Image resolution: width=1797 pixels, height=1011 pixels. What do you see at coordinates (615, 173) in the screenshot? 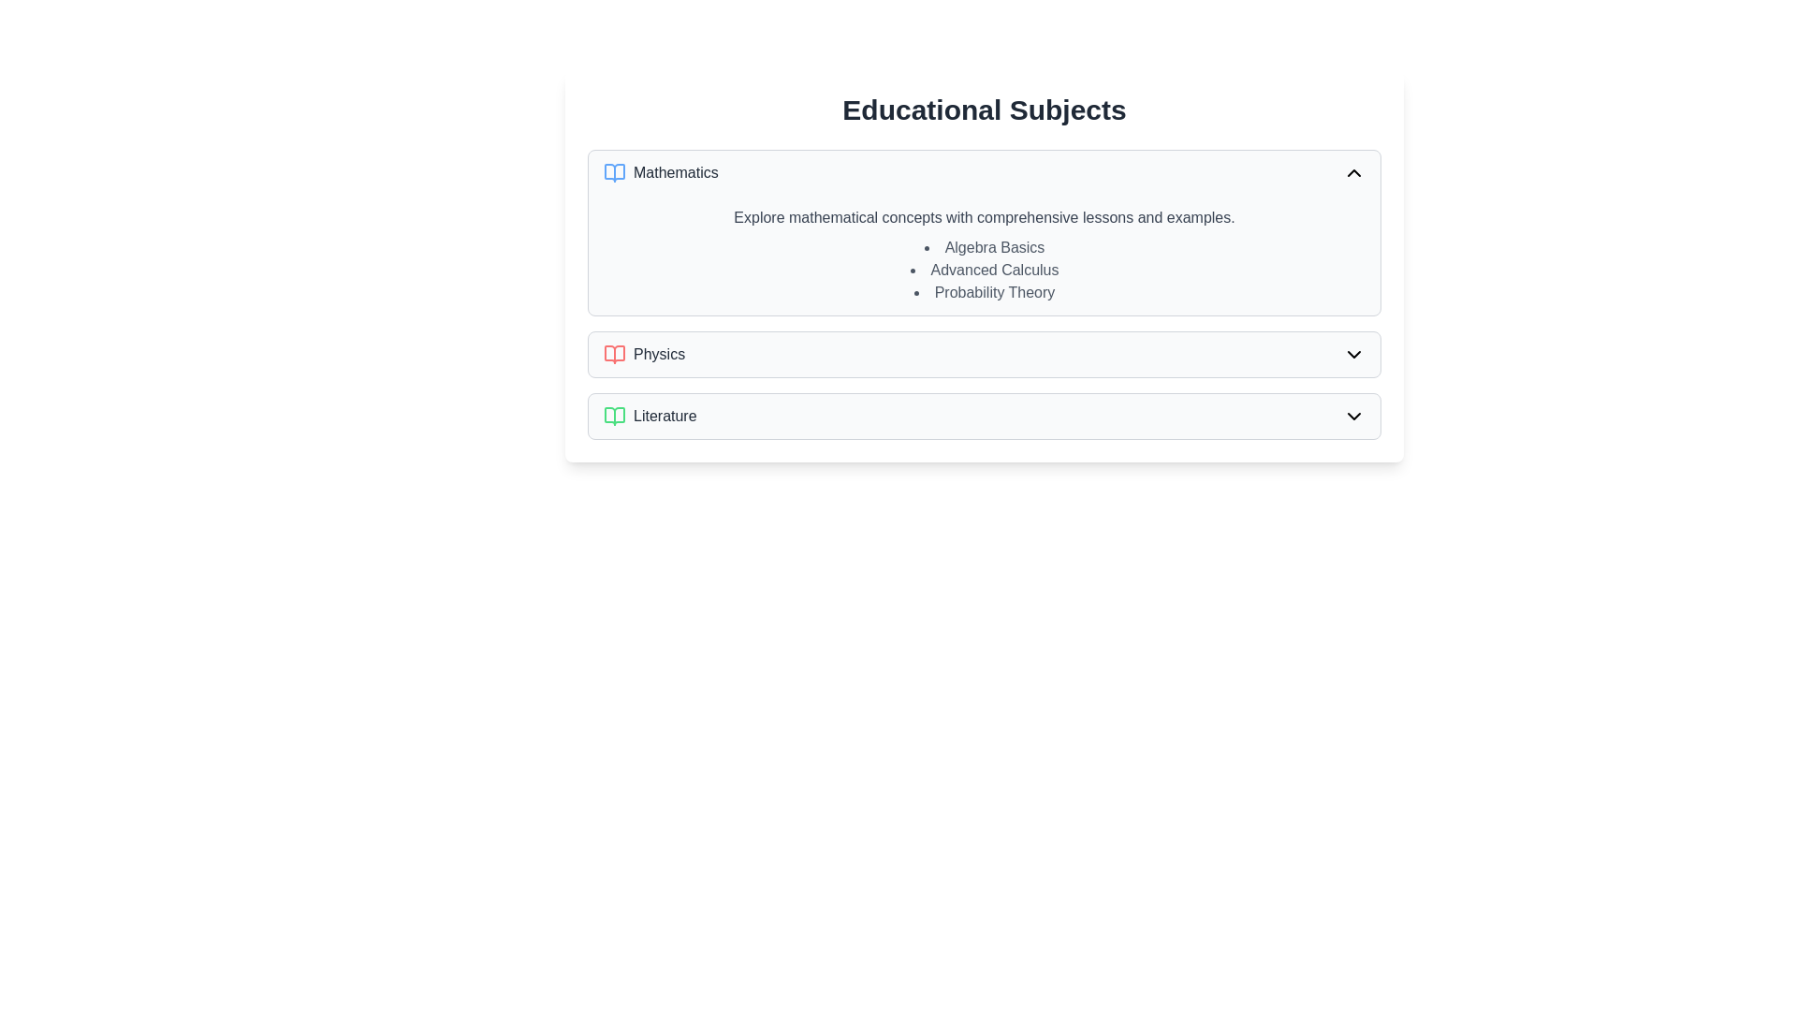
I see `'Mathematics' SVG icon located to the left of the 'Mathematics' text label in the 'Educational Subjects' section using developer tools` at bounding box center [615, 173].